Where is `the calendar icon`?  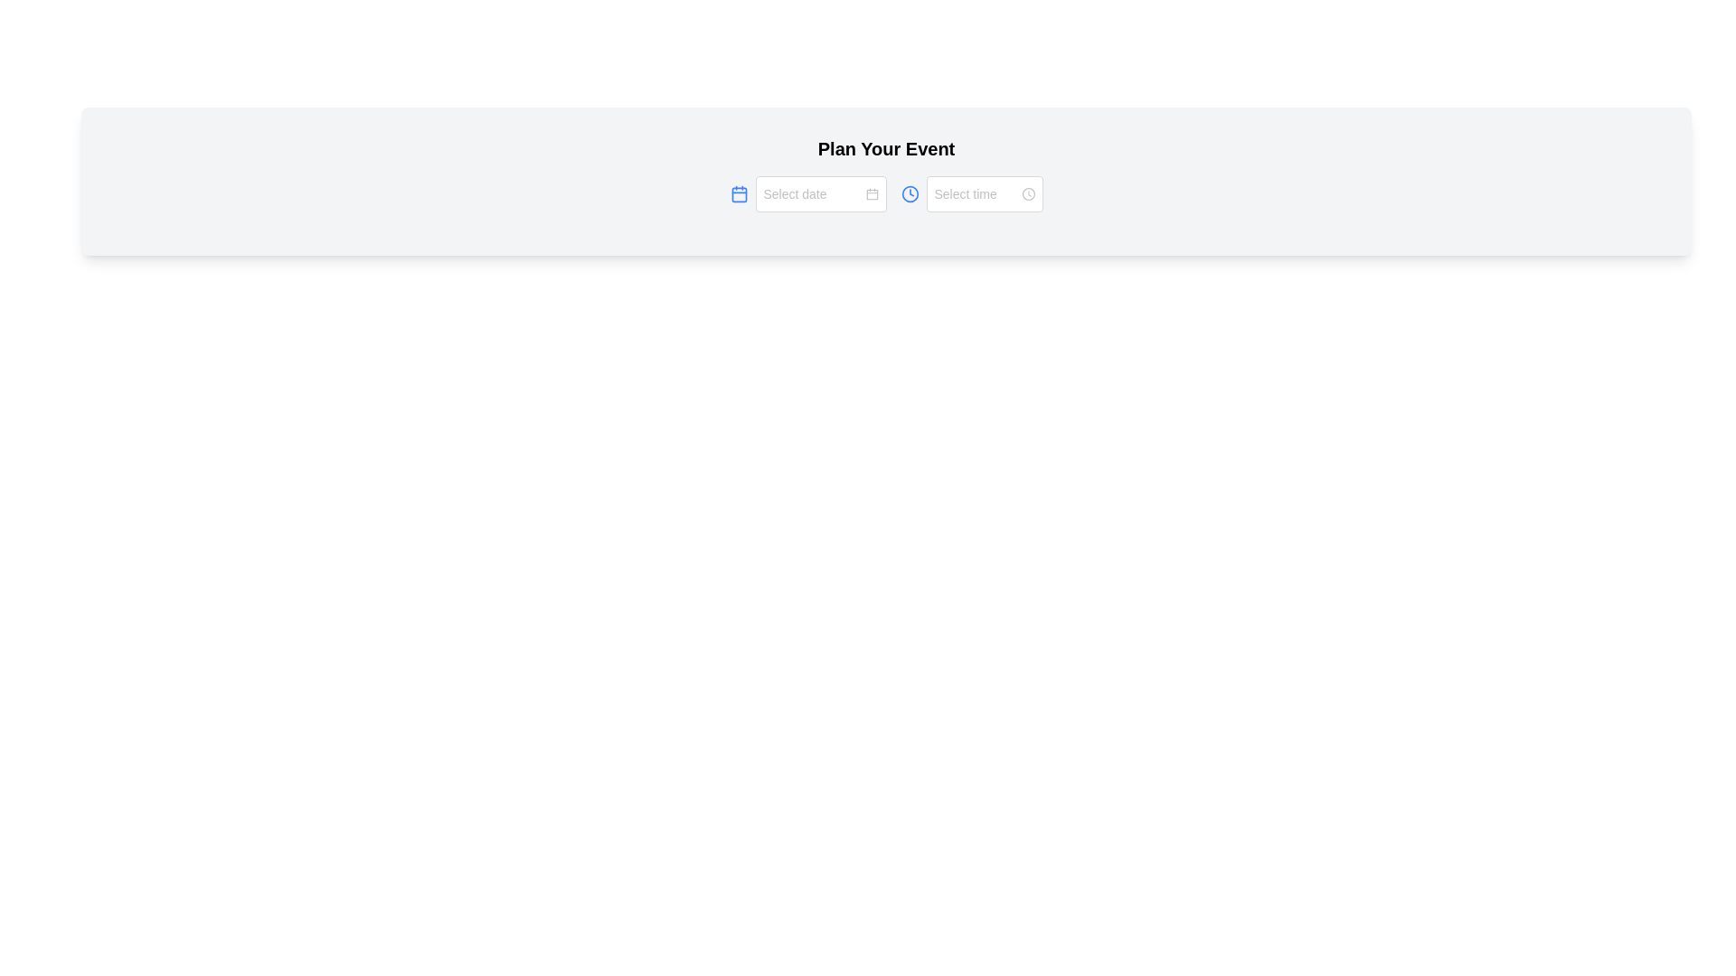 the calendar icon is located at coordinates (819, 194).